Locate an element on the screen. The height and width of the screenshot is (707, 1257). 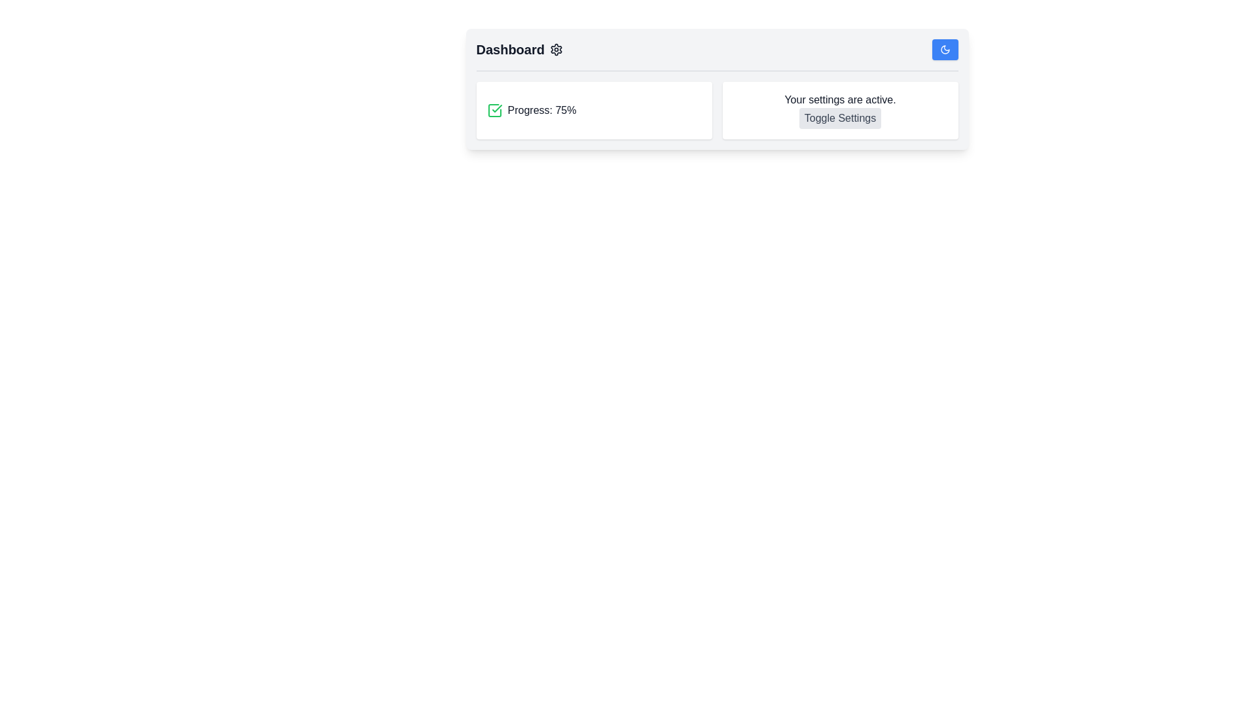
the green checked square box SVG icon that indicates a progress status, which is located to the left of the 'Progress: 75%' text in the dashboard layout is located at coordinates (494, 110).